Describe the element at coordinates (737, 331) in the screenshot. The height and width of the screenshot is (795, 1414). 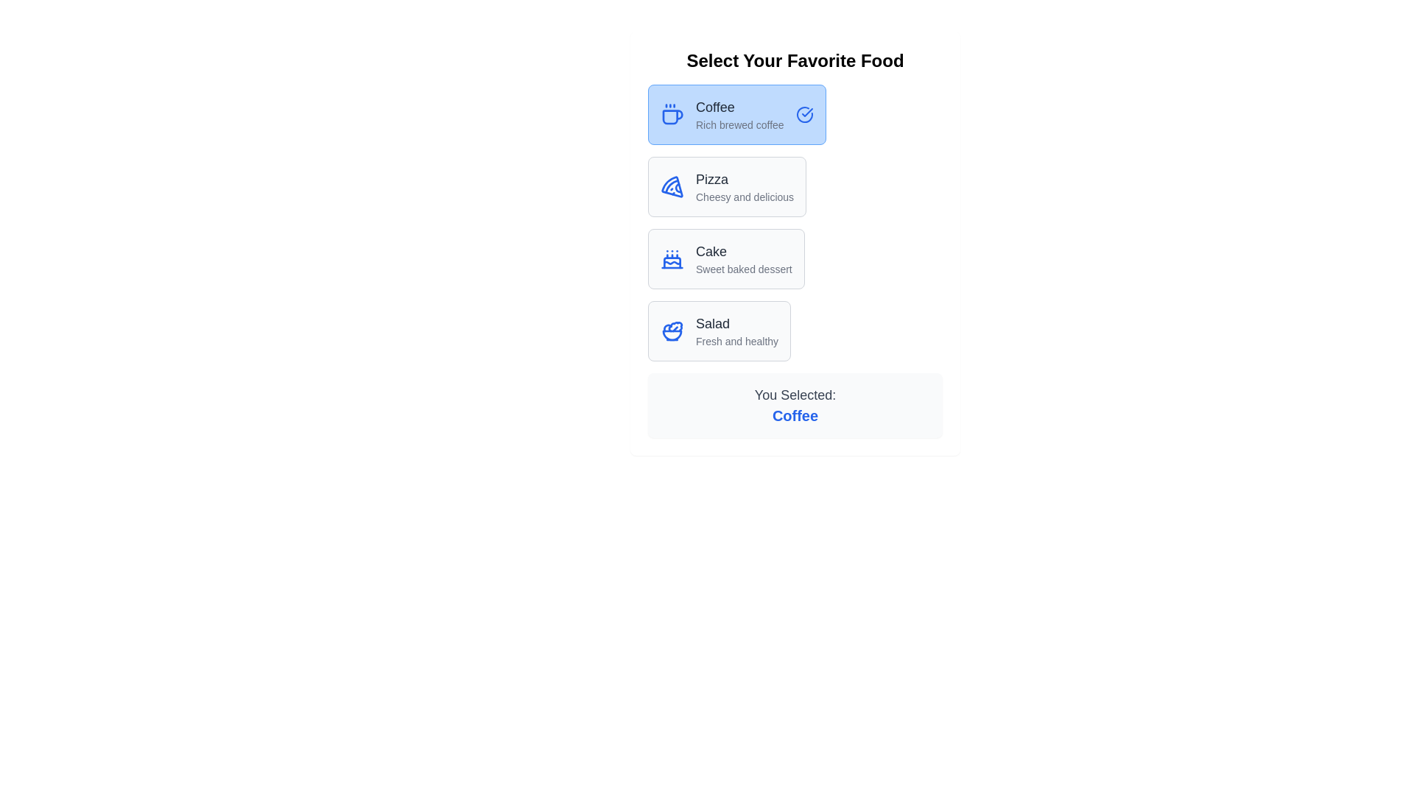
I see `the text block containing 'Salad' styled in medium dark gray font and 'Fresh and healthy' in smaller light gray text, located within the fourth option of the 'Select Your Favorite Food' list` at that location.